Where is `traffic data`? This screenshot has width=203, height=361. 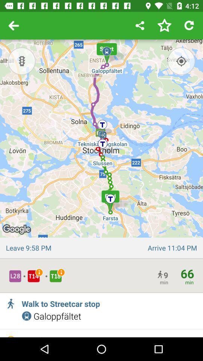 traffic data is located at coordinates (21, 61).